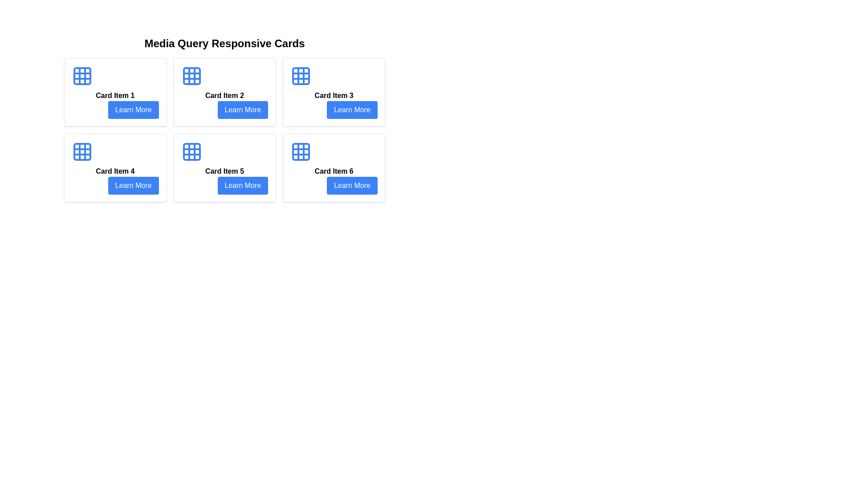 Image resolution: width=855 pixels, height=481 pixels. I want to click on the grid layout icon located at the top-center of 'Card Item 5' in the second column of the second row, so click(191, 151).